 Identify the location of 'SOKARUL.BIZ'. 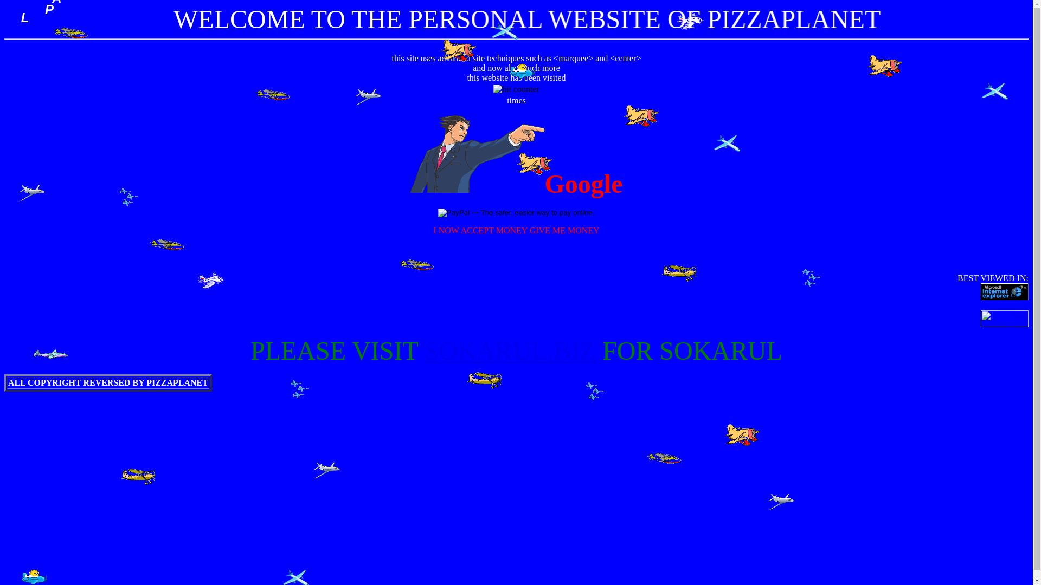
(509, 350).